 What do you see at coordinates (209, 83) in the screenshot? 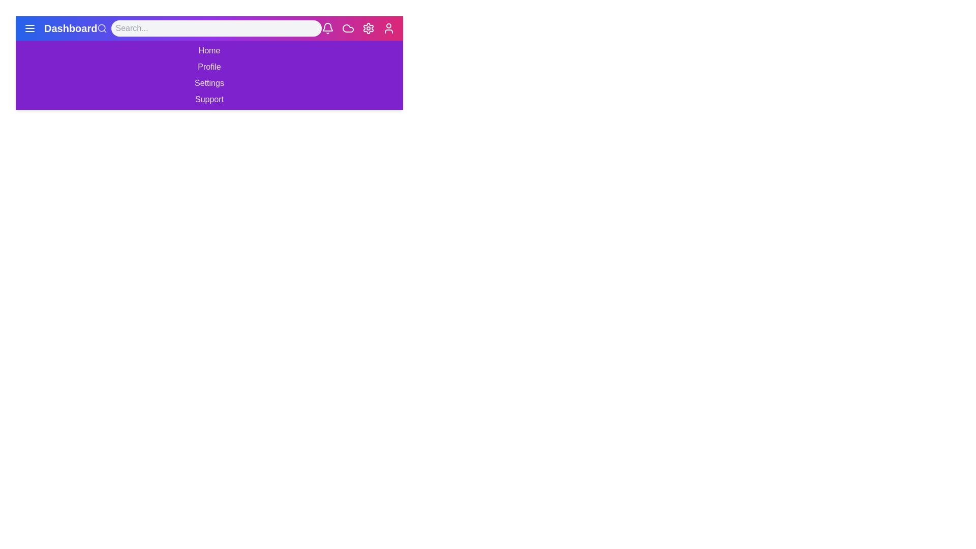
I see `the menu item Settings in the navigation bar` at bounding box center [209, 83].